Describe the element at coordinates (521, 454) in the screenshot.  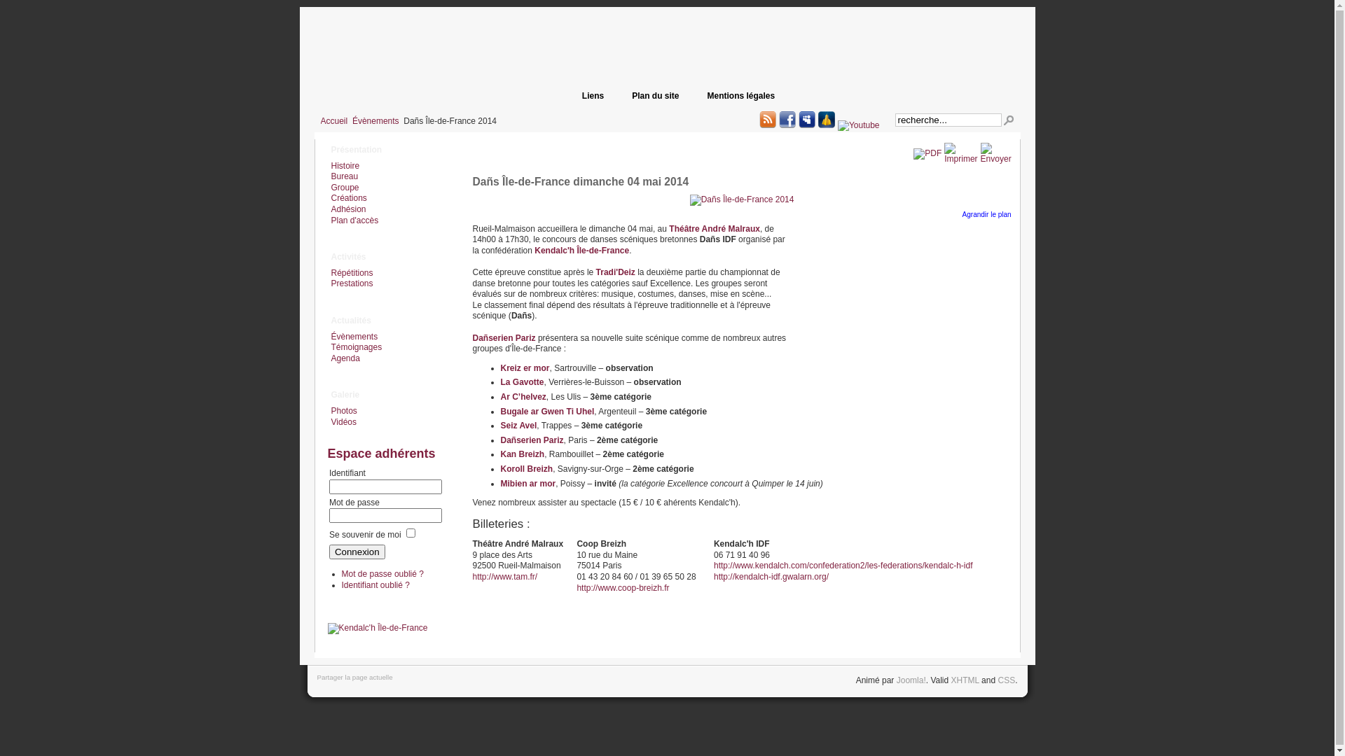
I see `'Kan Breizh'` at that location.